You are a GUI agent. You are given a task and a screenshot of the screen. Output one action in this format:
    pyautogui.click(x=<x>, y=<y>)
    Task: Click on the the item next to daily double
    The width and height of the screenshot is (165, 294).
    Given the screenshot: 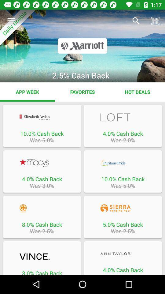 What is the action you would take?
    pyautogui.click(x=136, y=21)
    